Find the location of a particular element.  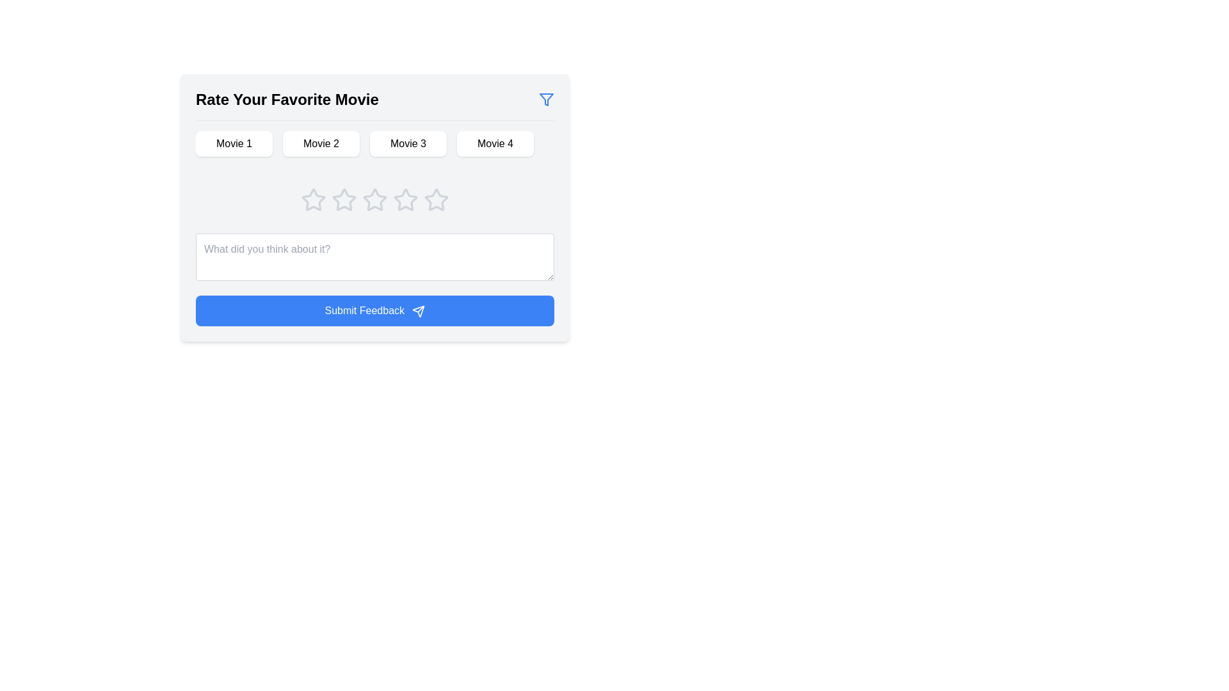

the third clickable rating star icon, which is a graphical representation of a star styled with a border and an empty center, positioned in a sequence of five stars beneath the movie selection buttons is located at coordinates (405, 200).